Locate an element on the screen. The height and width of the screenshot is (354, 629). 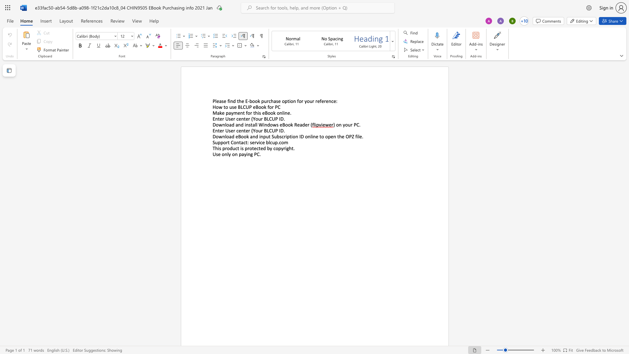
the space between the continuous character "E" and "-" in the text is located at coordinates (247, 101).